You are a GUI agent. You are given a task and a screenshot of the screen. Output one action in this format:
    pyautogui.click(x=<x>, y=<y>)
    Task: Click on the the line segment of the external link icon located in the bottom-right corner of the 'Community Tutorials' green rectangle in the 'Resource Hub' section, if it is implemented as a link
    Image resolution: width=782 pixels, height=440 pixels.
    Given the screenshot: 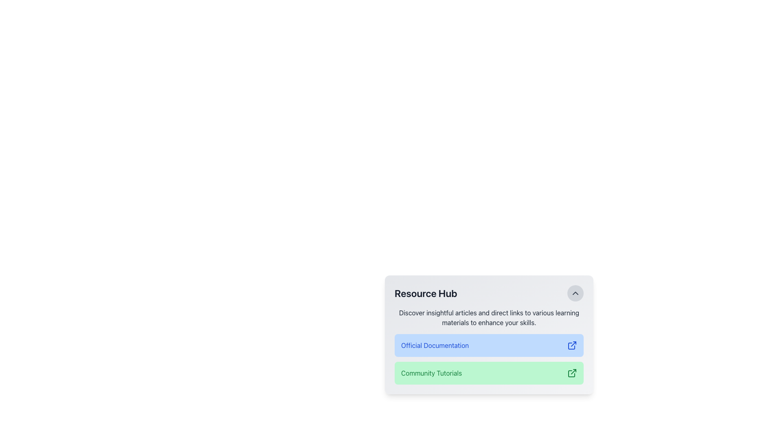 What is the action you would take?
    pyautogui.click(x=573, y=372)
    